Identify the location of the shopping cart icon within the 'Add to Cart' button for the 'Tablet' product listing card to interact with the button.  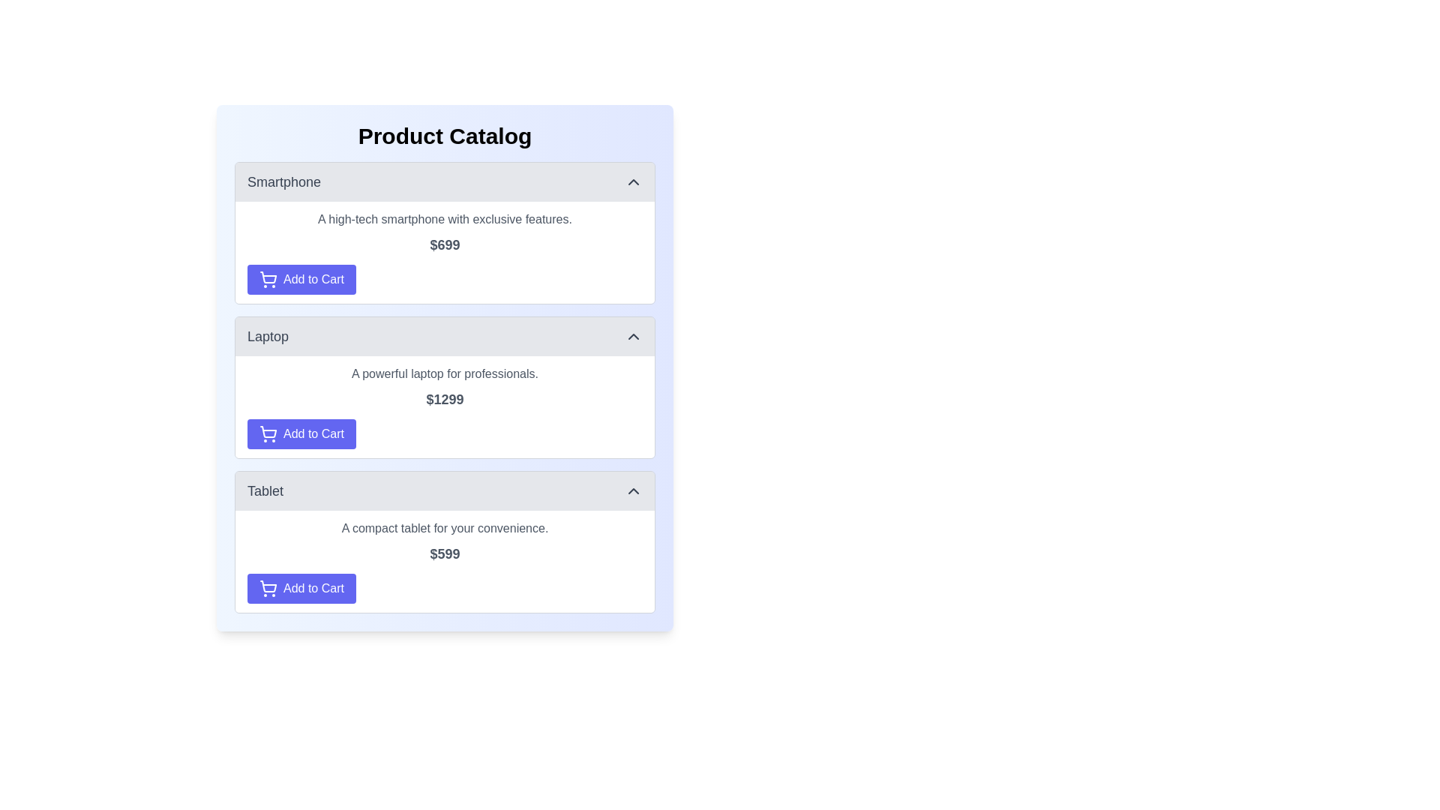
(268, 588).